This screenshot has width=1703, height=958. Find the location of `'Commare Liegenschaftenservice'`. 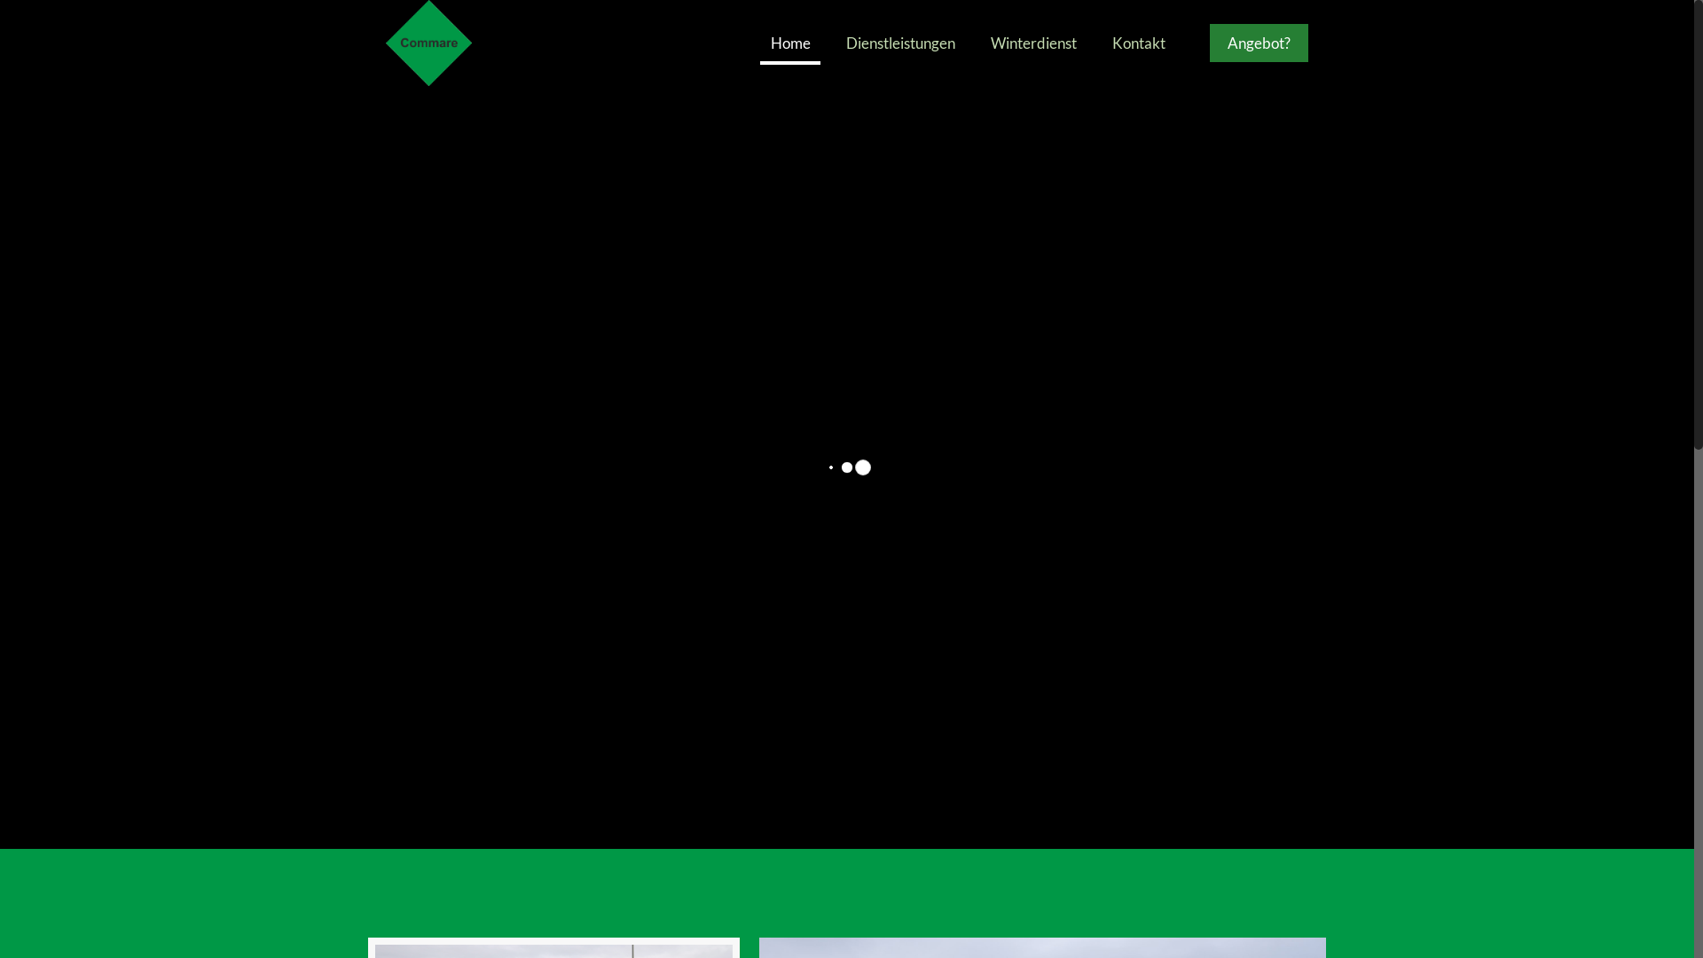

'Commare Liegenschaftenservice' is located at coordinates (385, 42).